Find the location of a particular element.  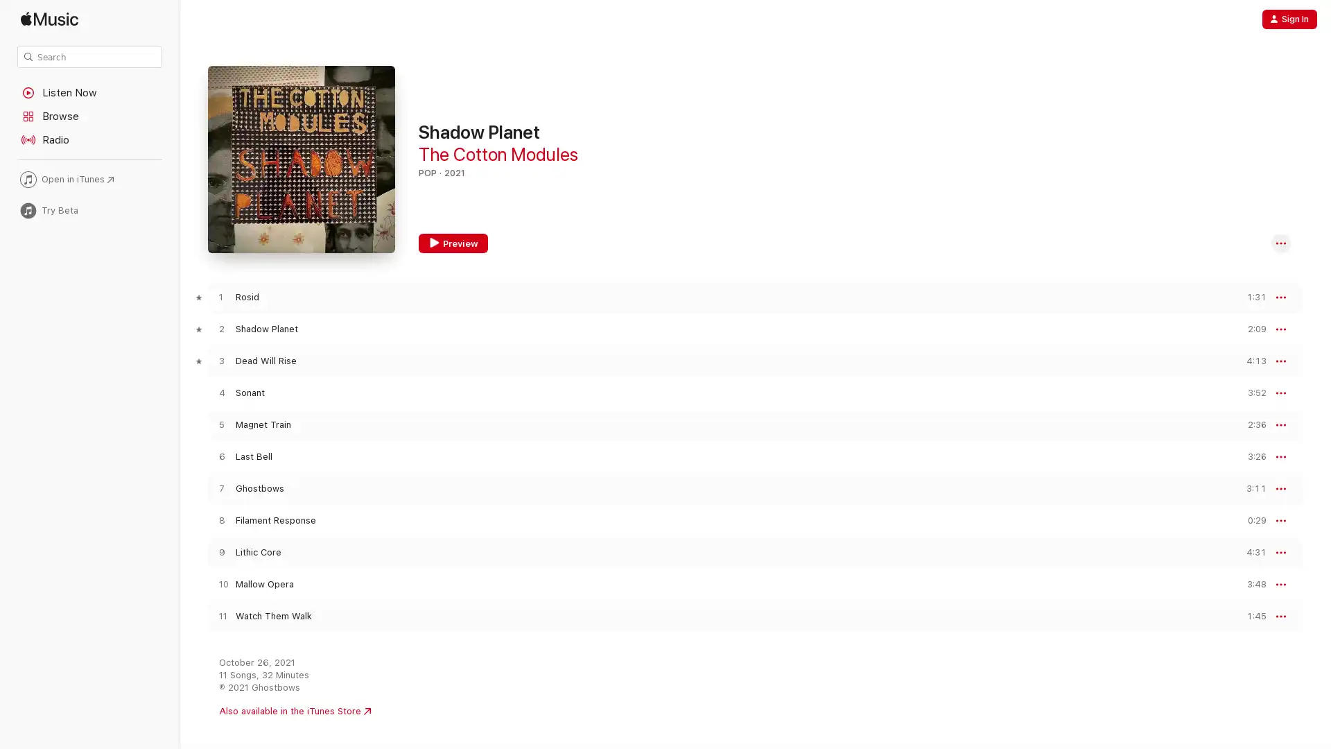

Play is located at coordinates (220, 393).